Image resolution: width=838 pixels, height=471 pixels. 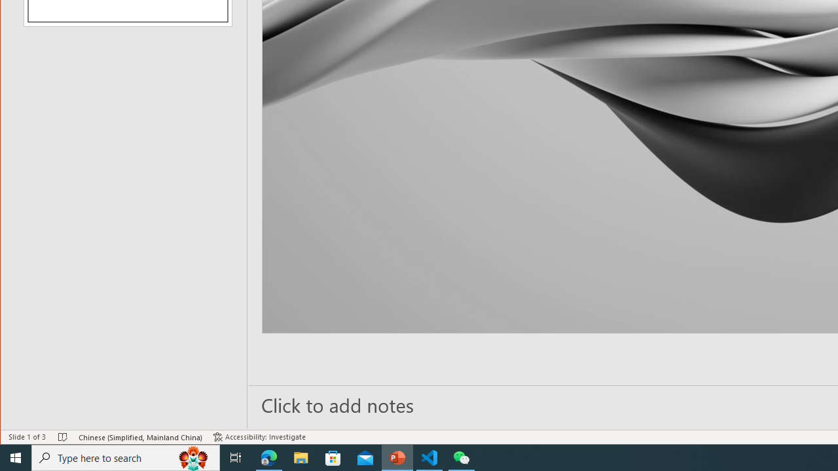 What do you see at coordinates (235, 457) in the screenshot?
I see `'Task View'` at bounding box center [235, 457].